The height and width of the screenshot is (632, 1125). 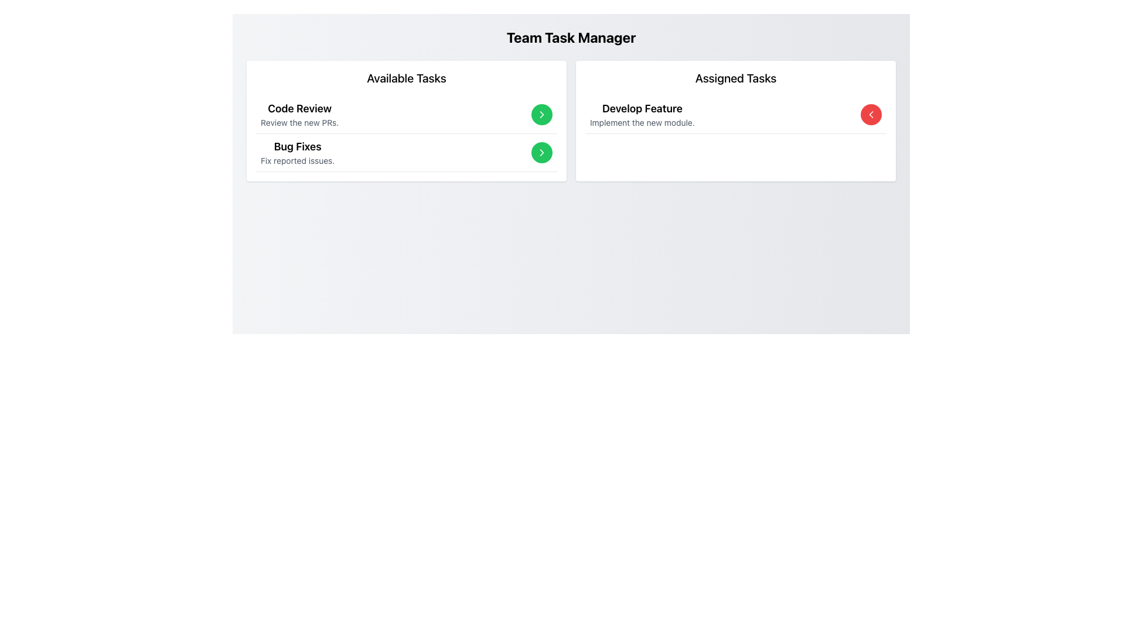 What do you see at coordinates (871, 115) in the screenshot?
I see `the vector graphic chevron icon located in the top-right section of the 'Assigned Tasks' card` at bounding box center [871, 115].